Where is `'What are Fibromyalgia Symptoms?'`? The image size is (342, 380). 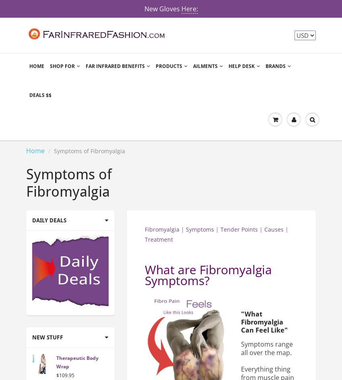 'What are Fibromyalgia Symptoms?' is located at coordinates (208, 275).